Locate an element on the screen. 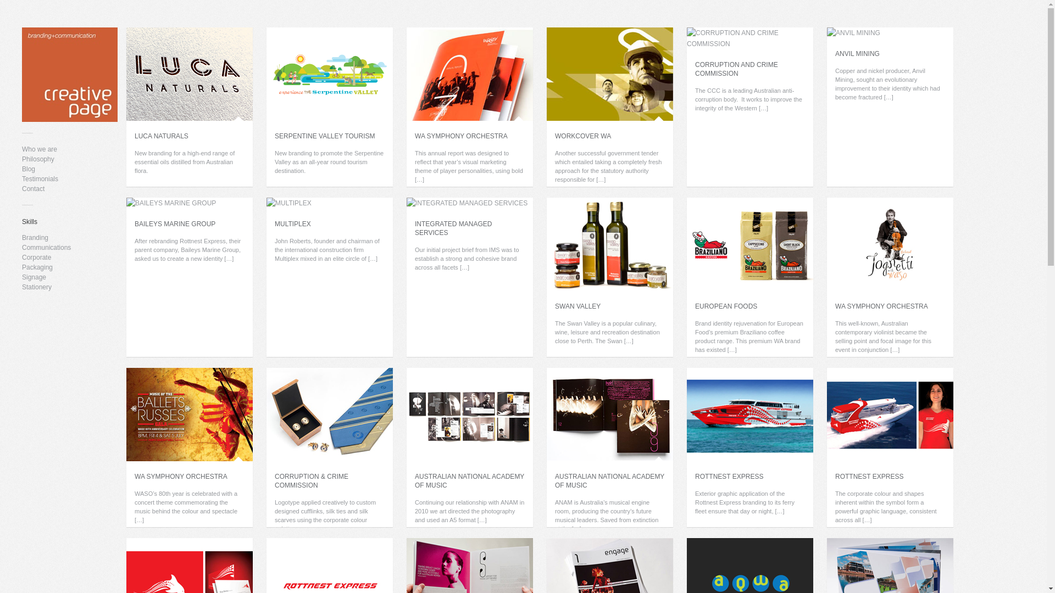 This screenshot has width=1055, height=593. 'SERPENTINE VALLEY TOURISM' is located at coordinates (324, 135).